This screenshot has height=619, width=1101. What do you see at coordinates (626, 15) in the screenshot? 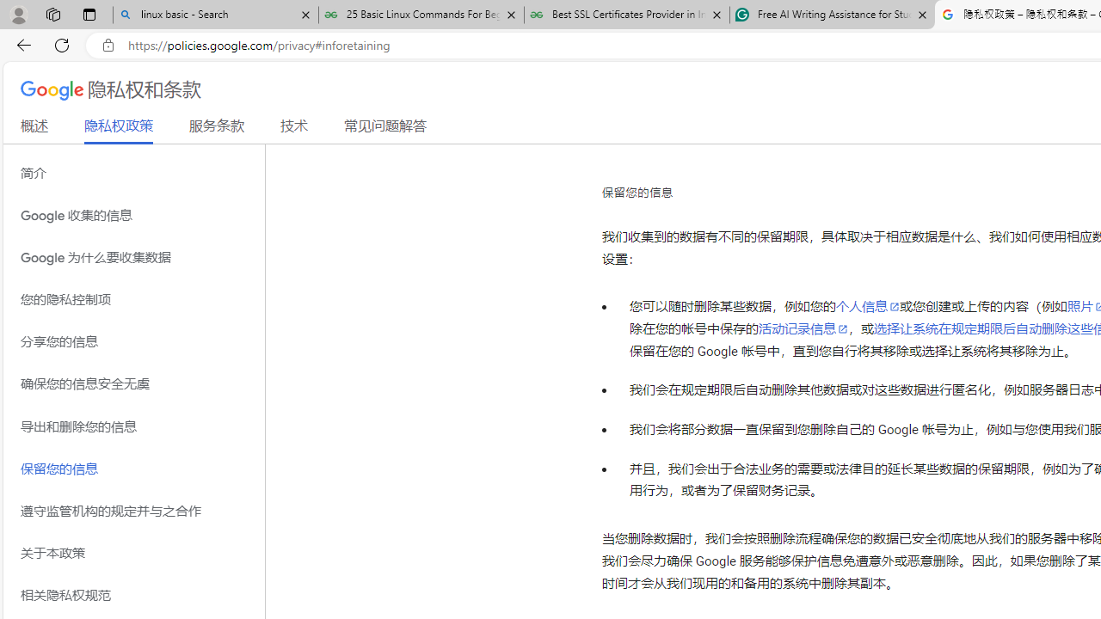
I see `'Best SSL Certificates Provider in India - GeeksforGeeks'` at bounding box center [626, 15].